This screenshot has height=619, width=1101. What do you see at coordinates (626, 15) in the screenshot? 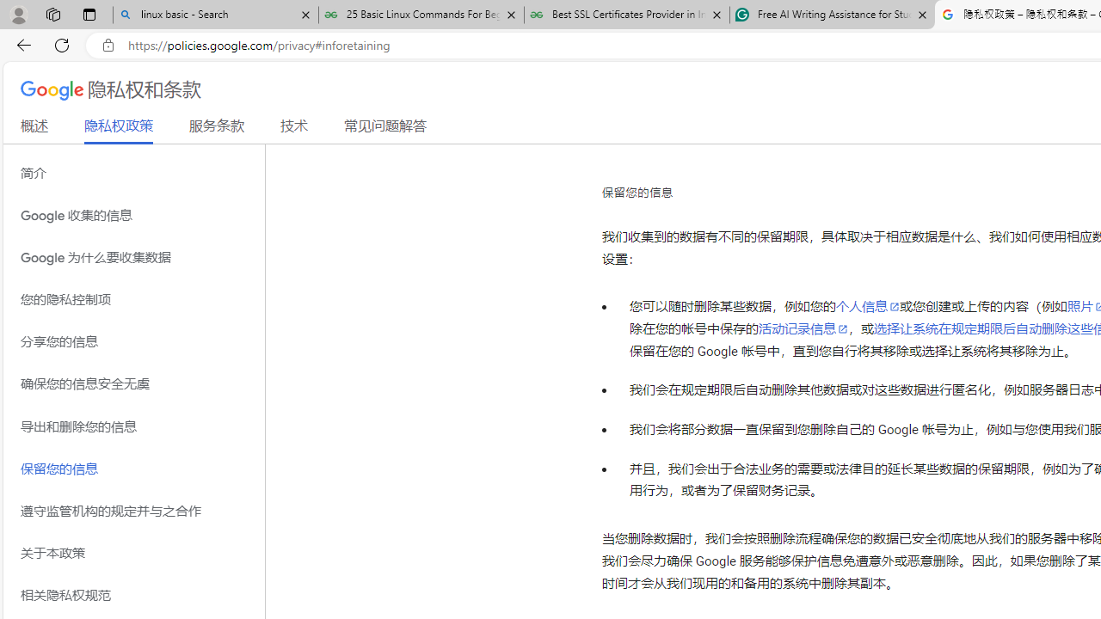
I see `'Best SSL Certificates Provider in India - GeeksforGeeks'` at bounding box center [626, 15].